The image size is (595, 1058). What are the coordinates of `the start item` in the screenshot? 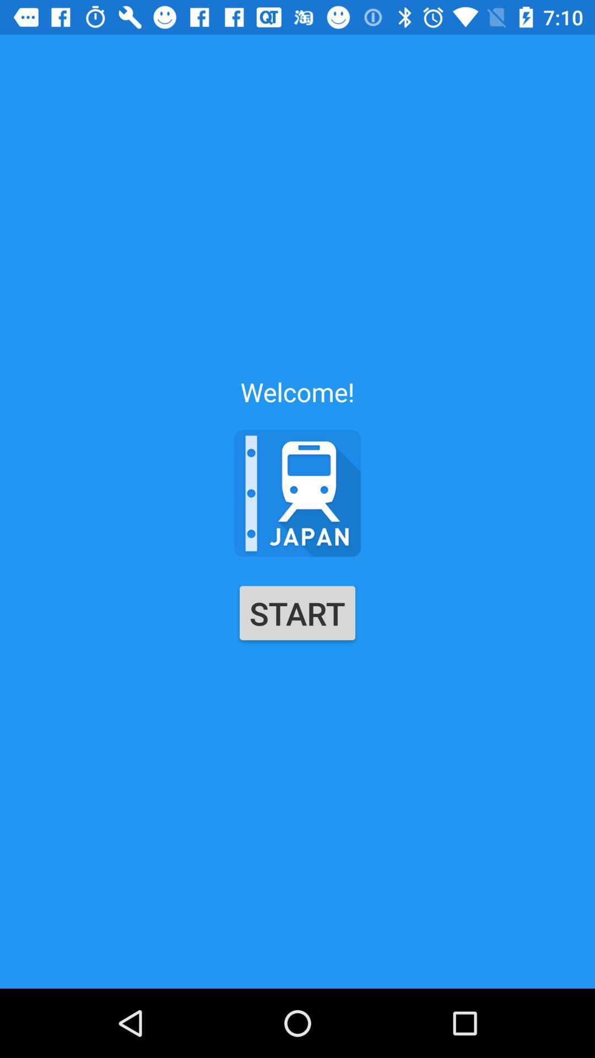 It's located at (297, 612).